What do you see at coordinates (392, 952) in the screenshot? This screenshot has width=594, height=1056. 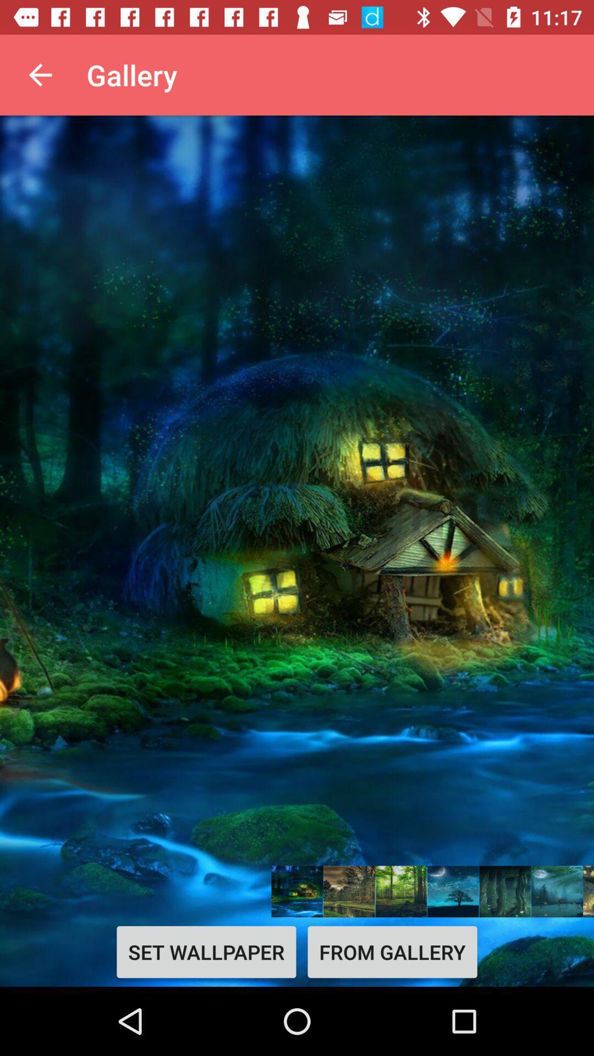 I see `the icon next to the set wallpaper icon` at bounding box center [392, 952].